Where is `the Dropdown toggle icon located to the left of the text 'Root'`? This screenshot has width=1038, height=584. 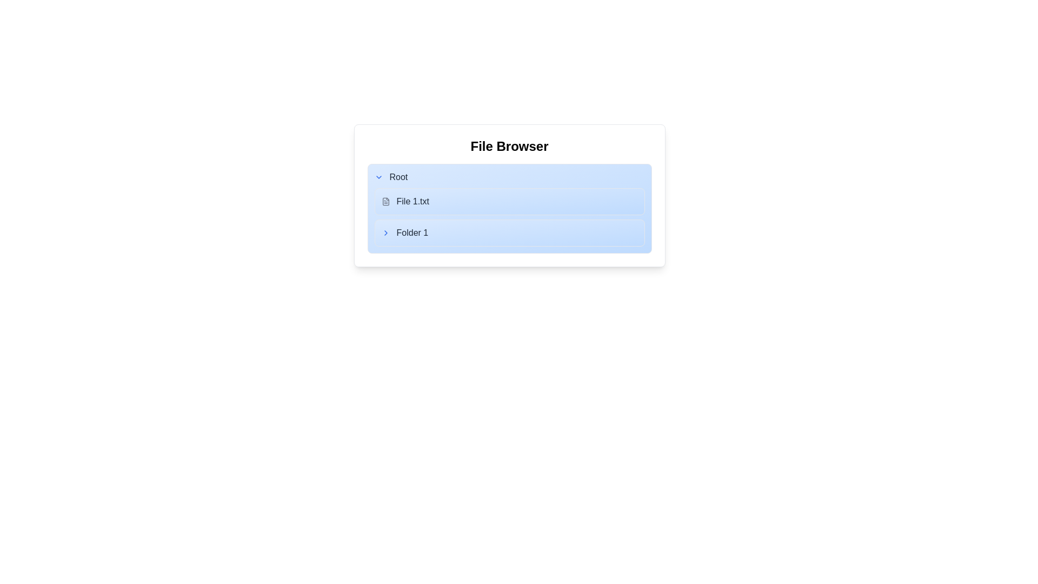 the Dropdown toggle icon located to the left of the text 'Root' is located at coordinates (378, 176).